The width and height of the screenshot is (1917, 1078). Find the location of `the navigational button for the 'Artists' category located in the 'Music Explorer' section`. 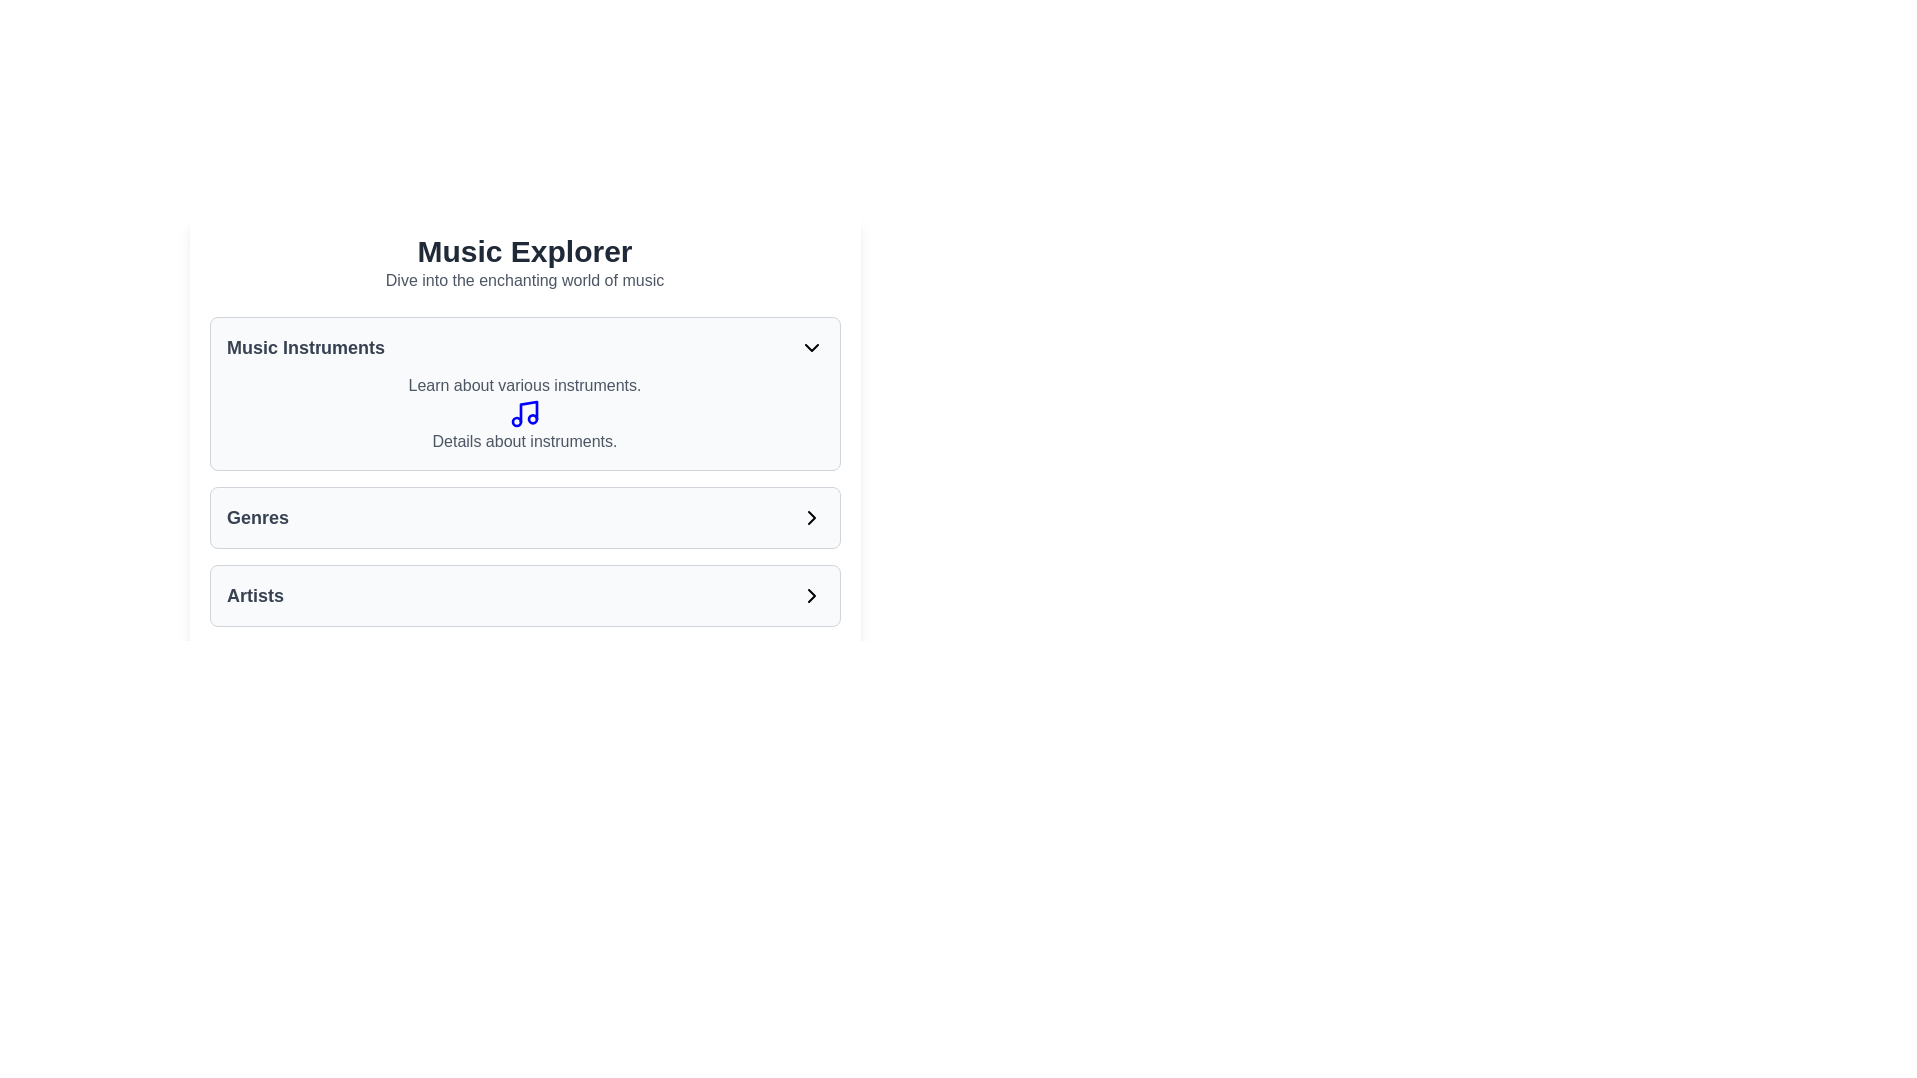

the navigational button for the 'Artists' category located in the 'Music Explorer' section is located at coordinates (525, 595).